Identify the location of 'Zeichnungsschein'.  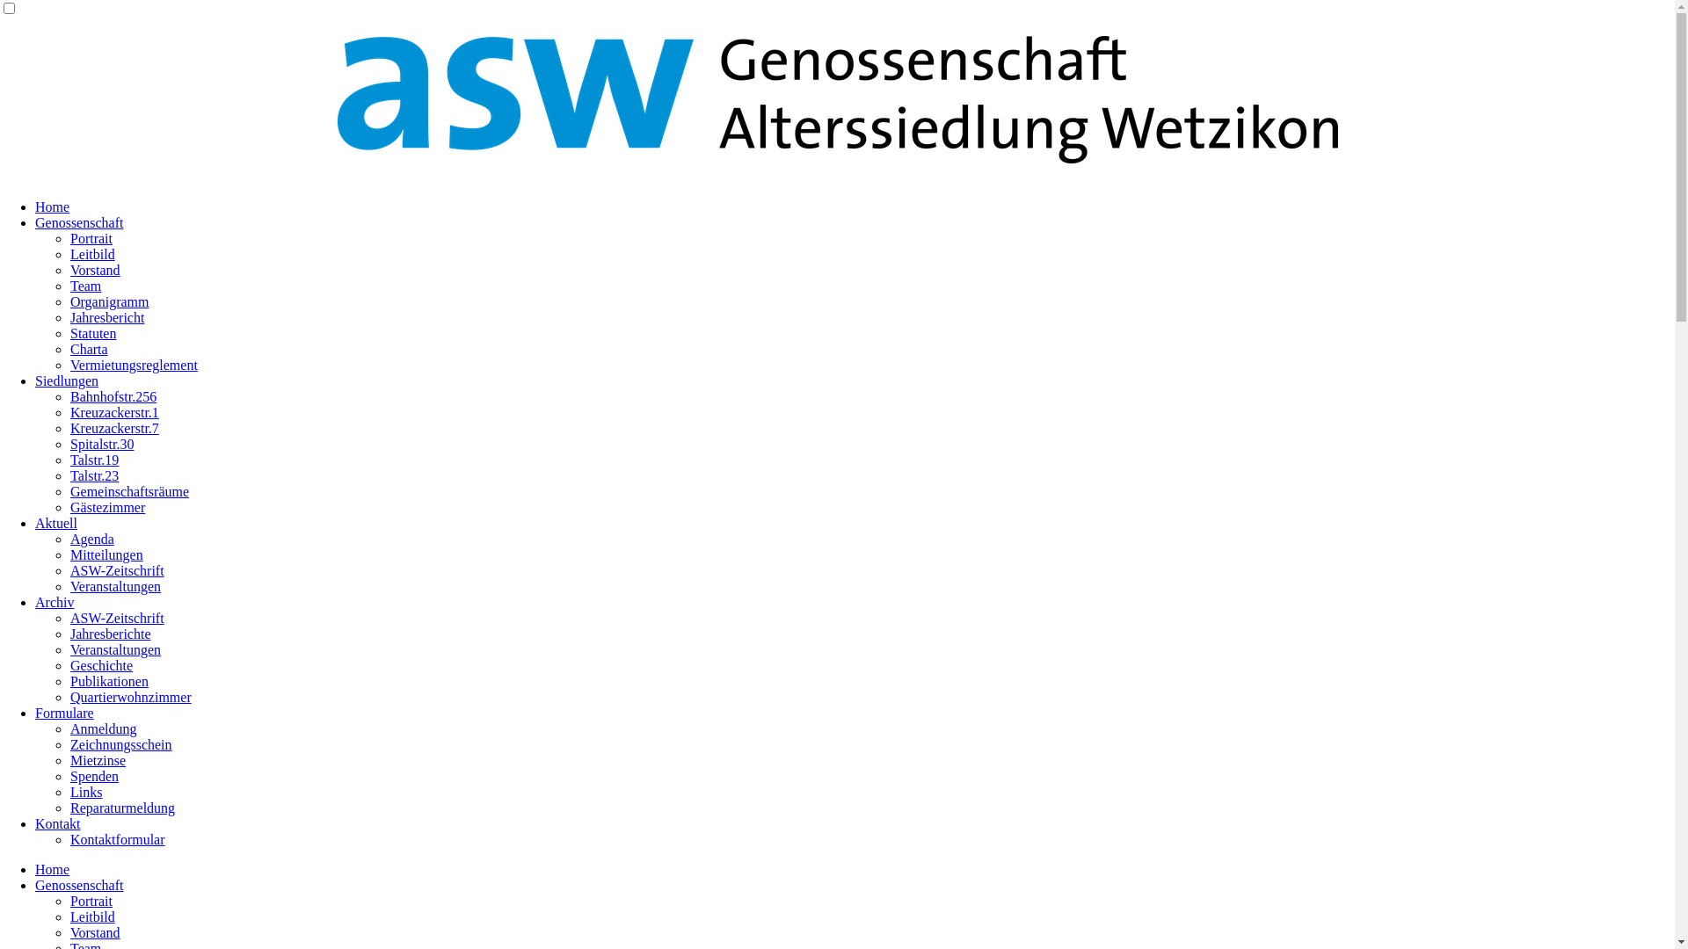
(120, 744).